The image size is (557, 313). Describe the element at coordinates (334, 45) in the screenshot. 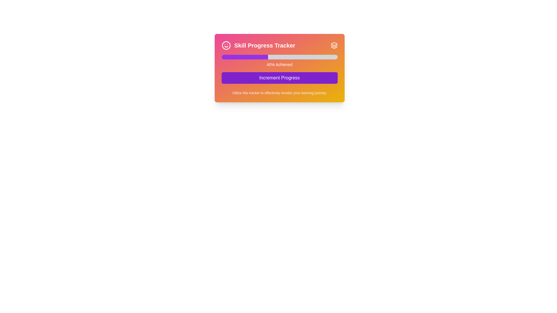

I see `the icon with a stacked-layer design featuring three overlapping rectangular plates, located at the top-right corner of the 'Skill Progress Tracker' box` at that location.